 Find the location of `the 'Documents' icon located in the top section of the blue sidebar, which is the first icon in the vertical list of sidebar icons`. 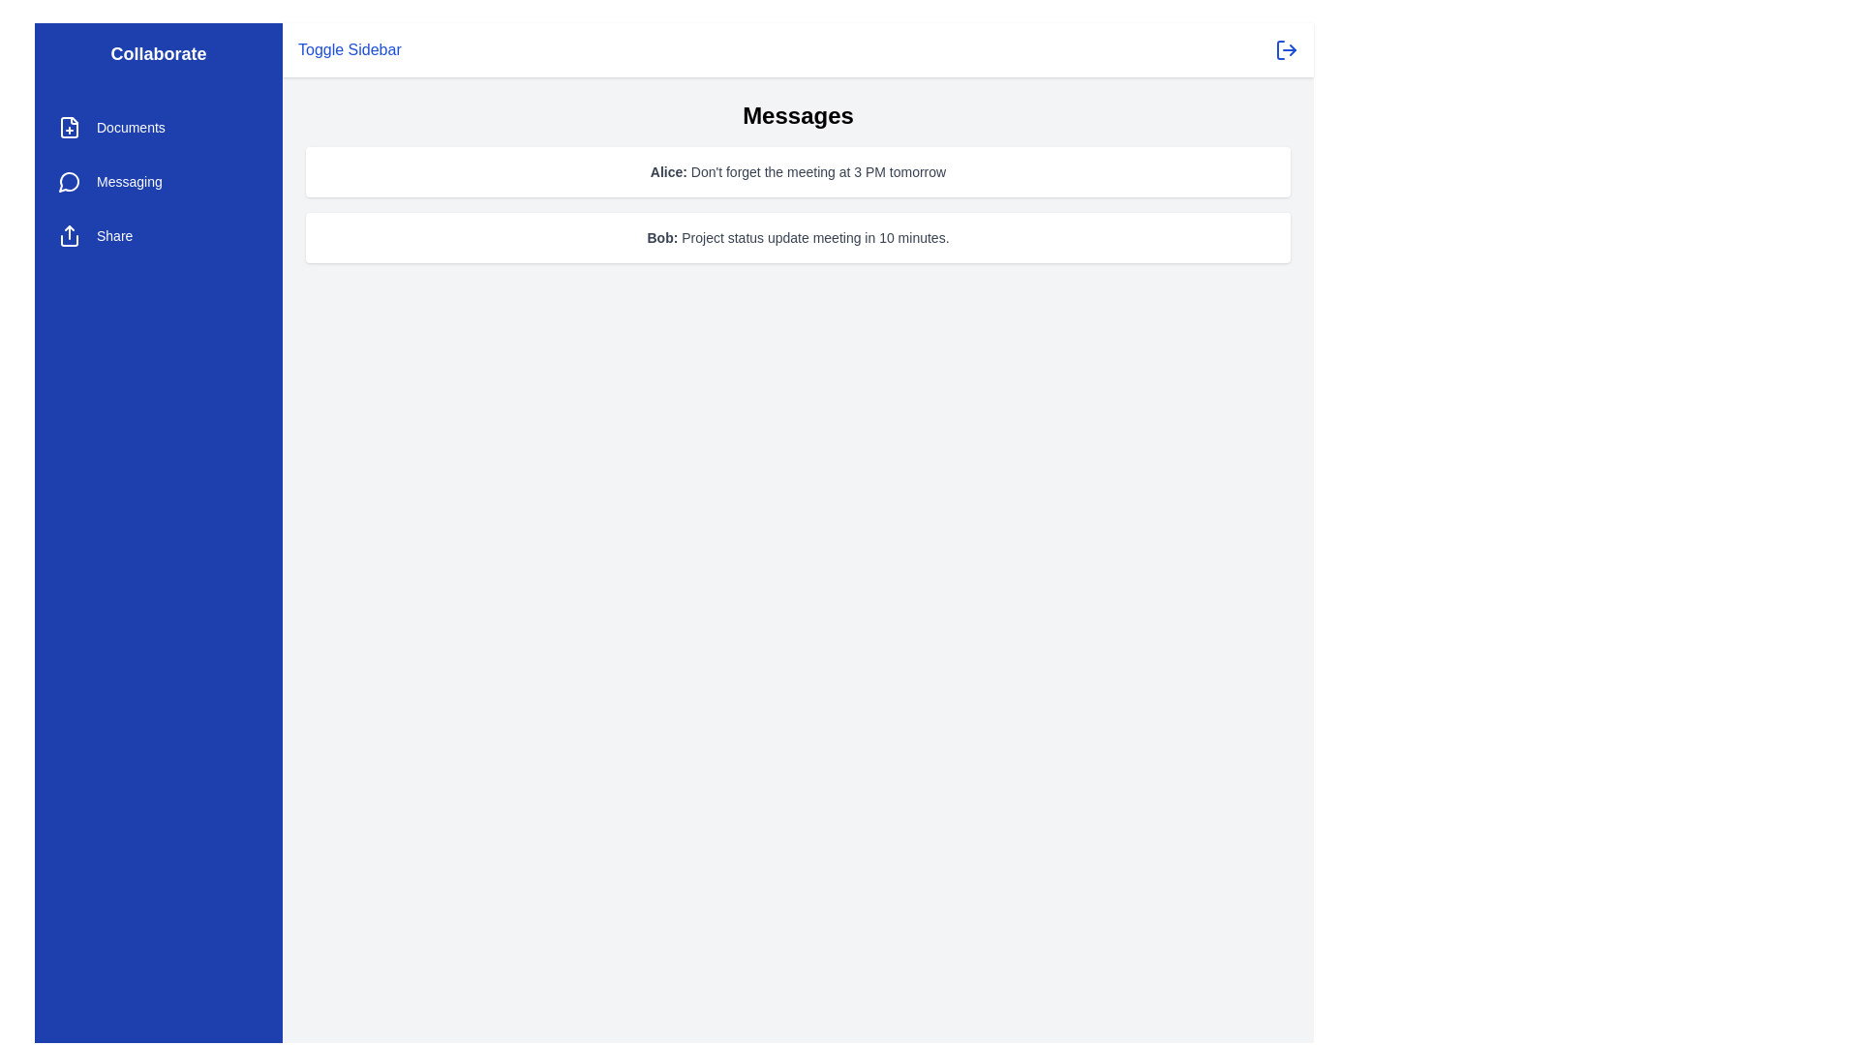

the 'Documents' icon located in the top section of the blue sidebar, which is the first icon in the vertical list of sidebar icons is located at coordinates (70, 127).